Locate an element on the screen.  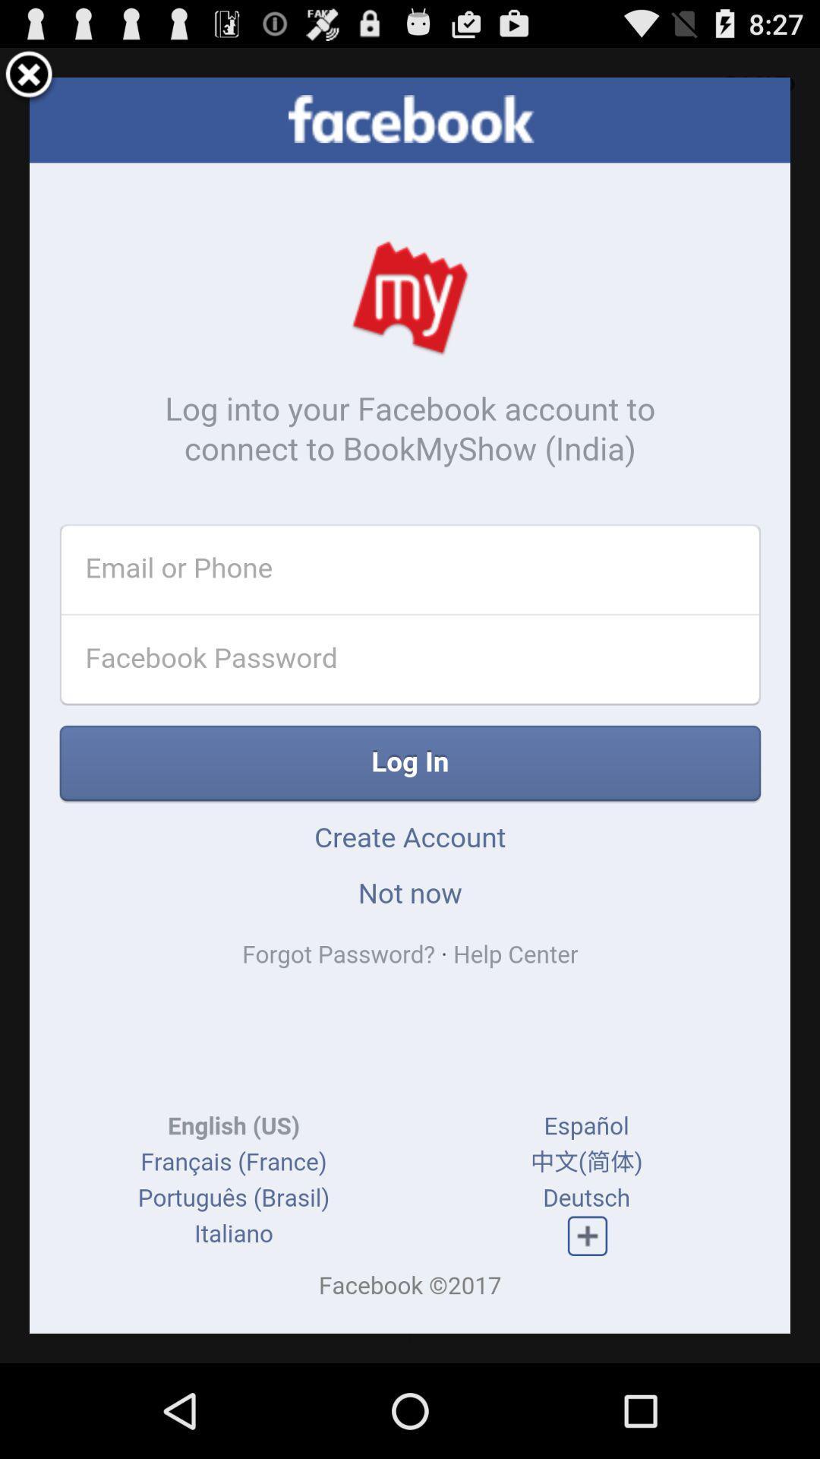
cancel is located at coordinates (29, 76).